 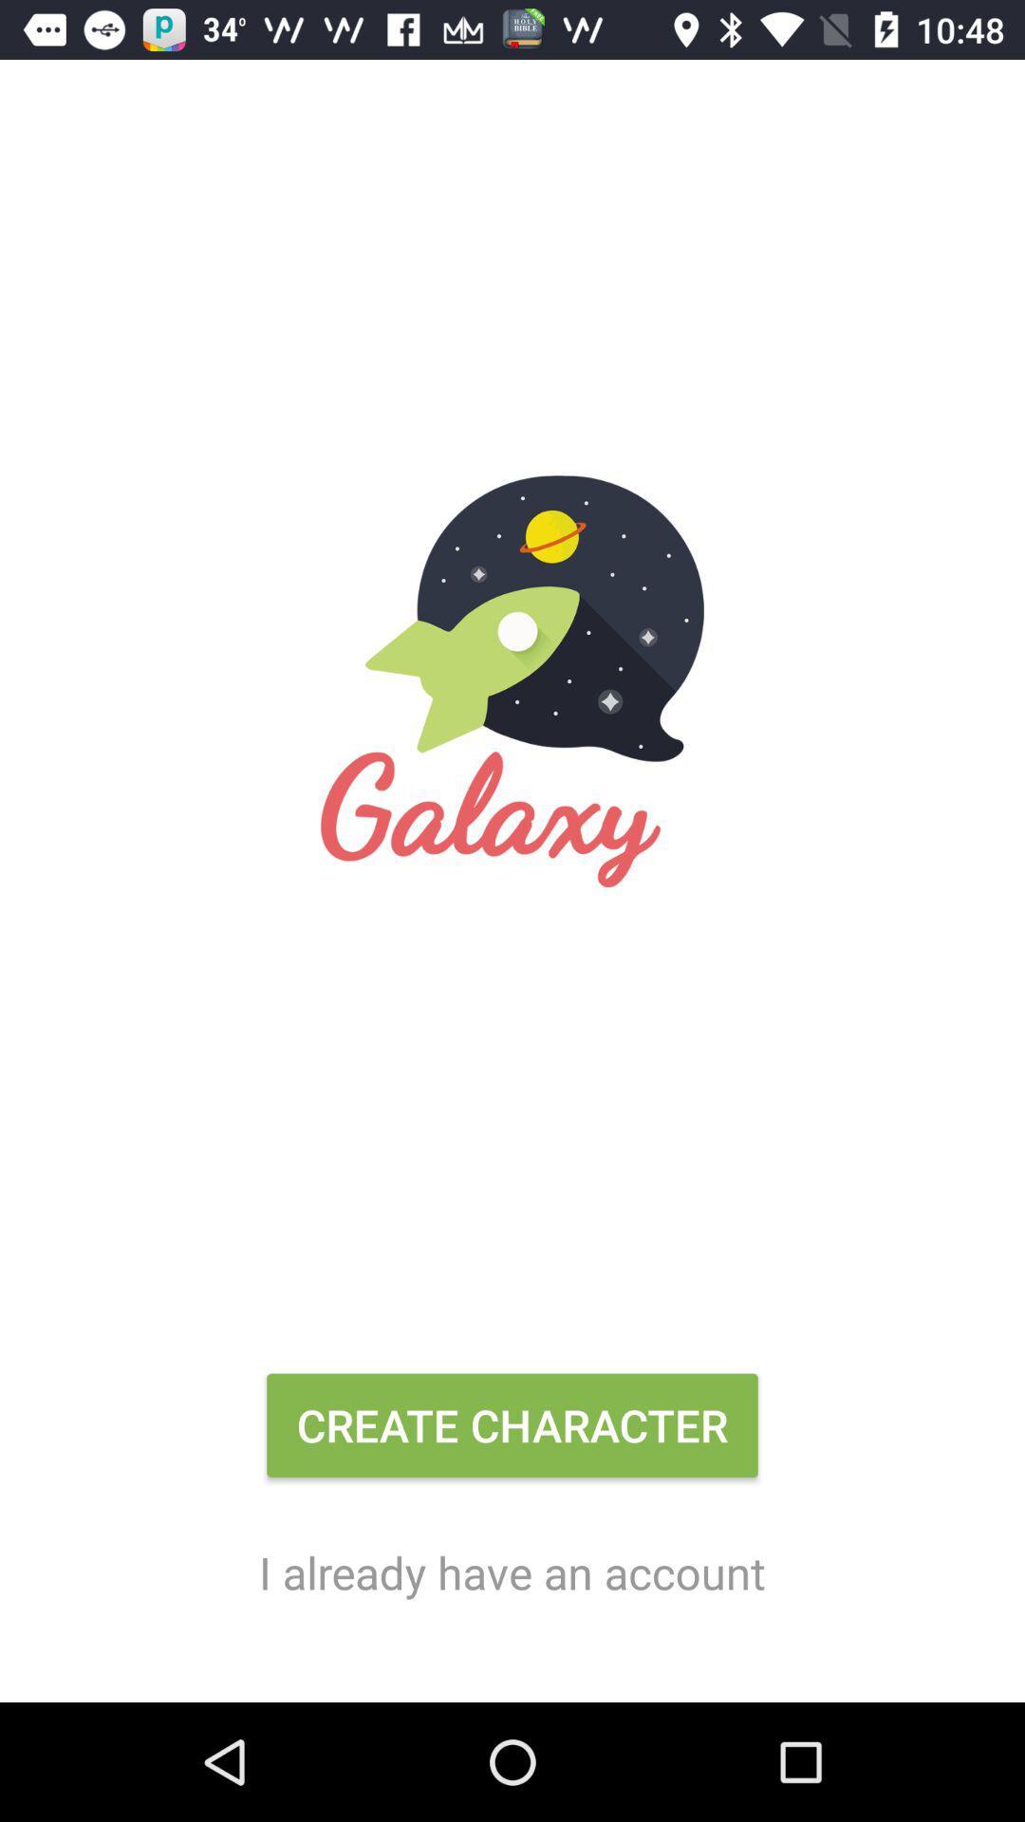 What do you see at coordinates (512, 1433) in the screenshot?
I see `the item above i already have item` at bounding box center [512, 1433].